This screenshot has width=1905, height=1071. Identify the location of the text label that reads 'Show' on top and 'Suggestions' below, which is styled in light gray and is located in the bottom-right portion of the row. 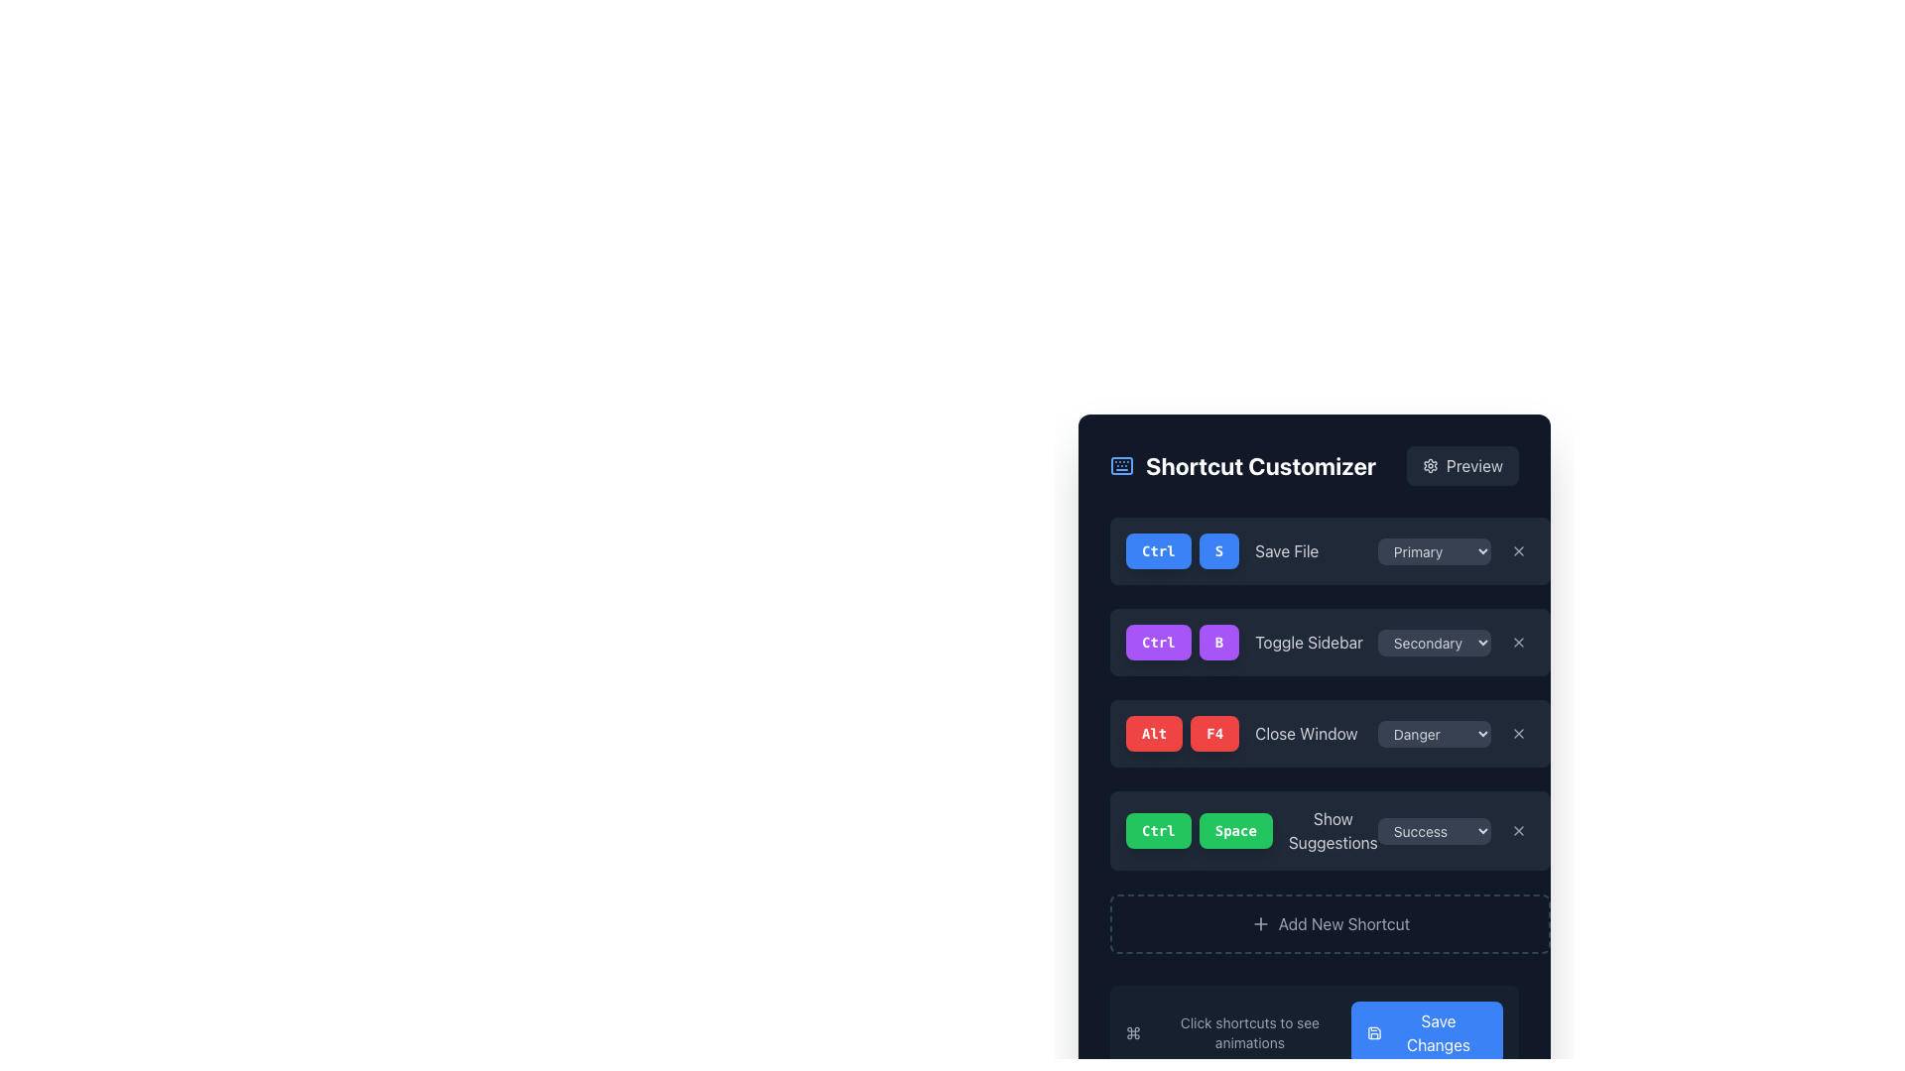
(1333, 830).